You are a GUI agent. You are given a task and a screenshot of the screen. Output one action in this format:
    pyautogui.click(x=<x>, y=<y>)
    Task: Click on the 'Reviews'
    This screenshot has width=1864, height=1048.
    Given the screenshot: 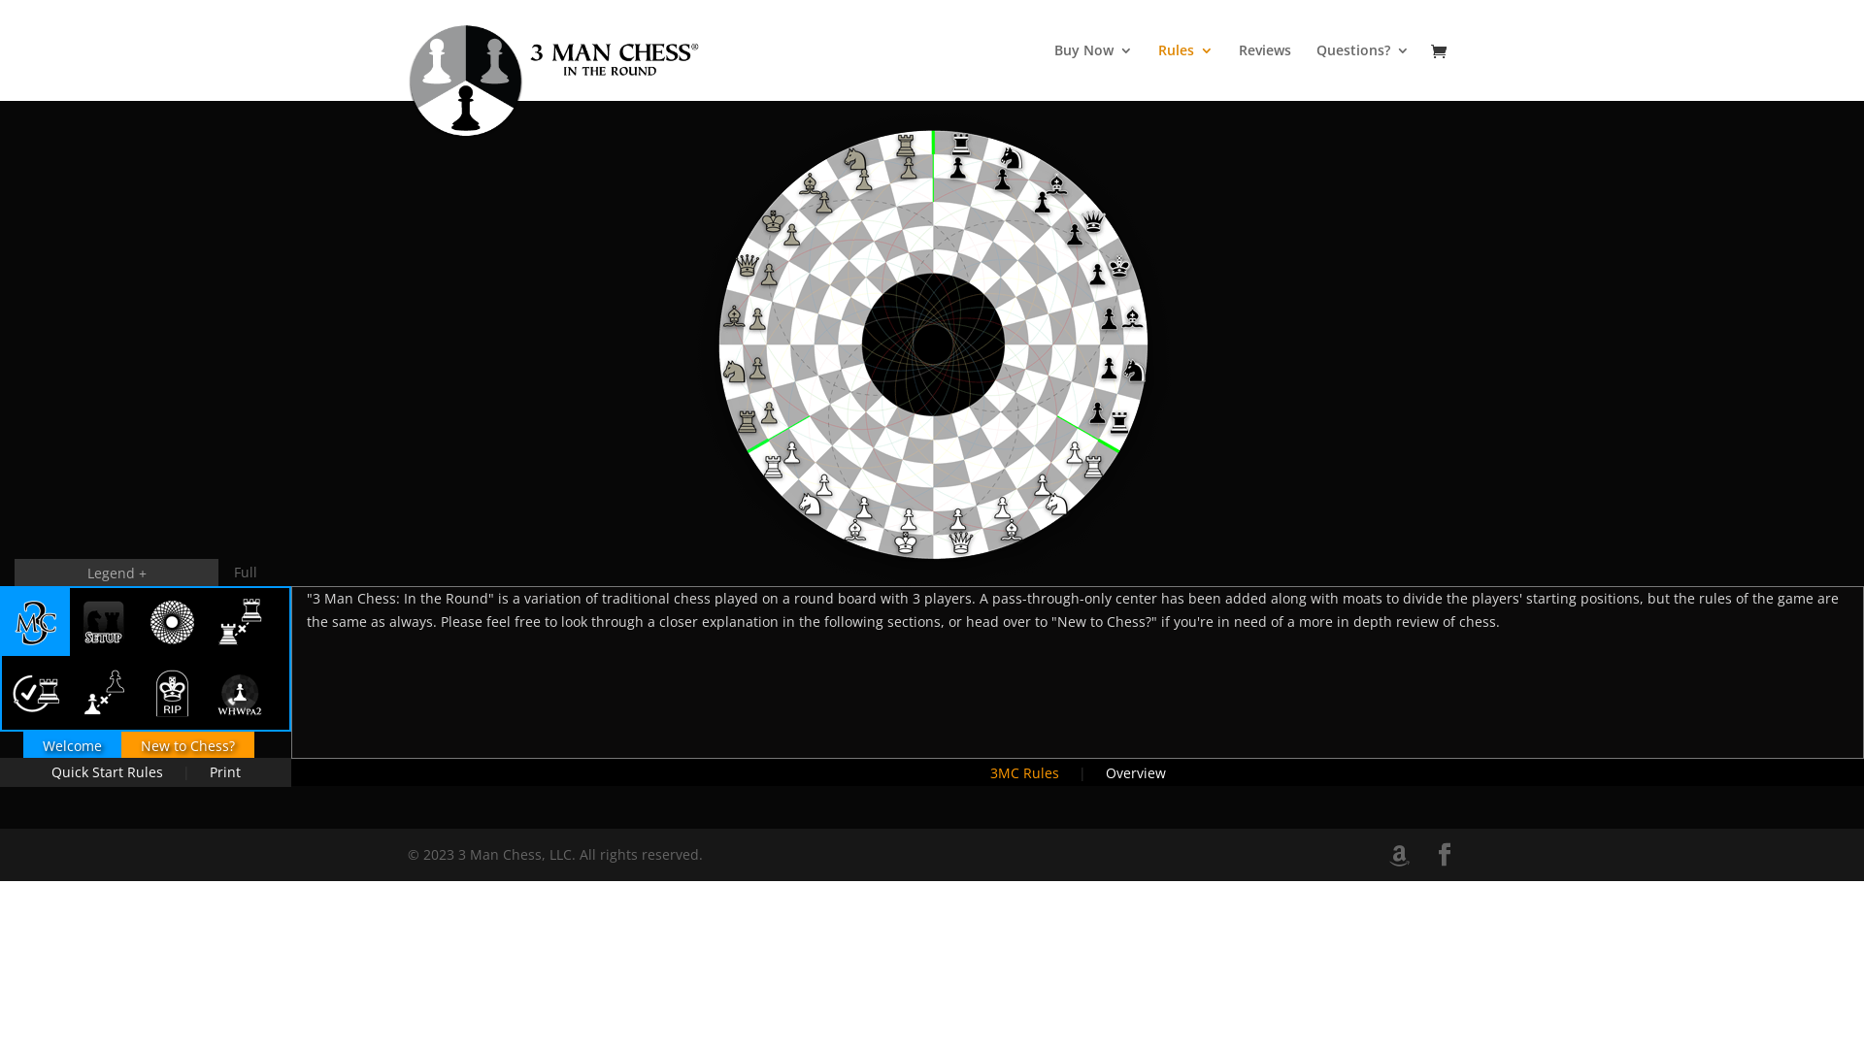 What is the action you would take?
    pyautogui.click(x=1264, y=71)
    